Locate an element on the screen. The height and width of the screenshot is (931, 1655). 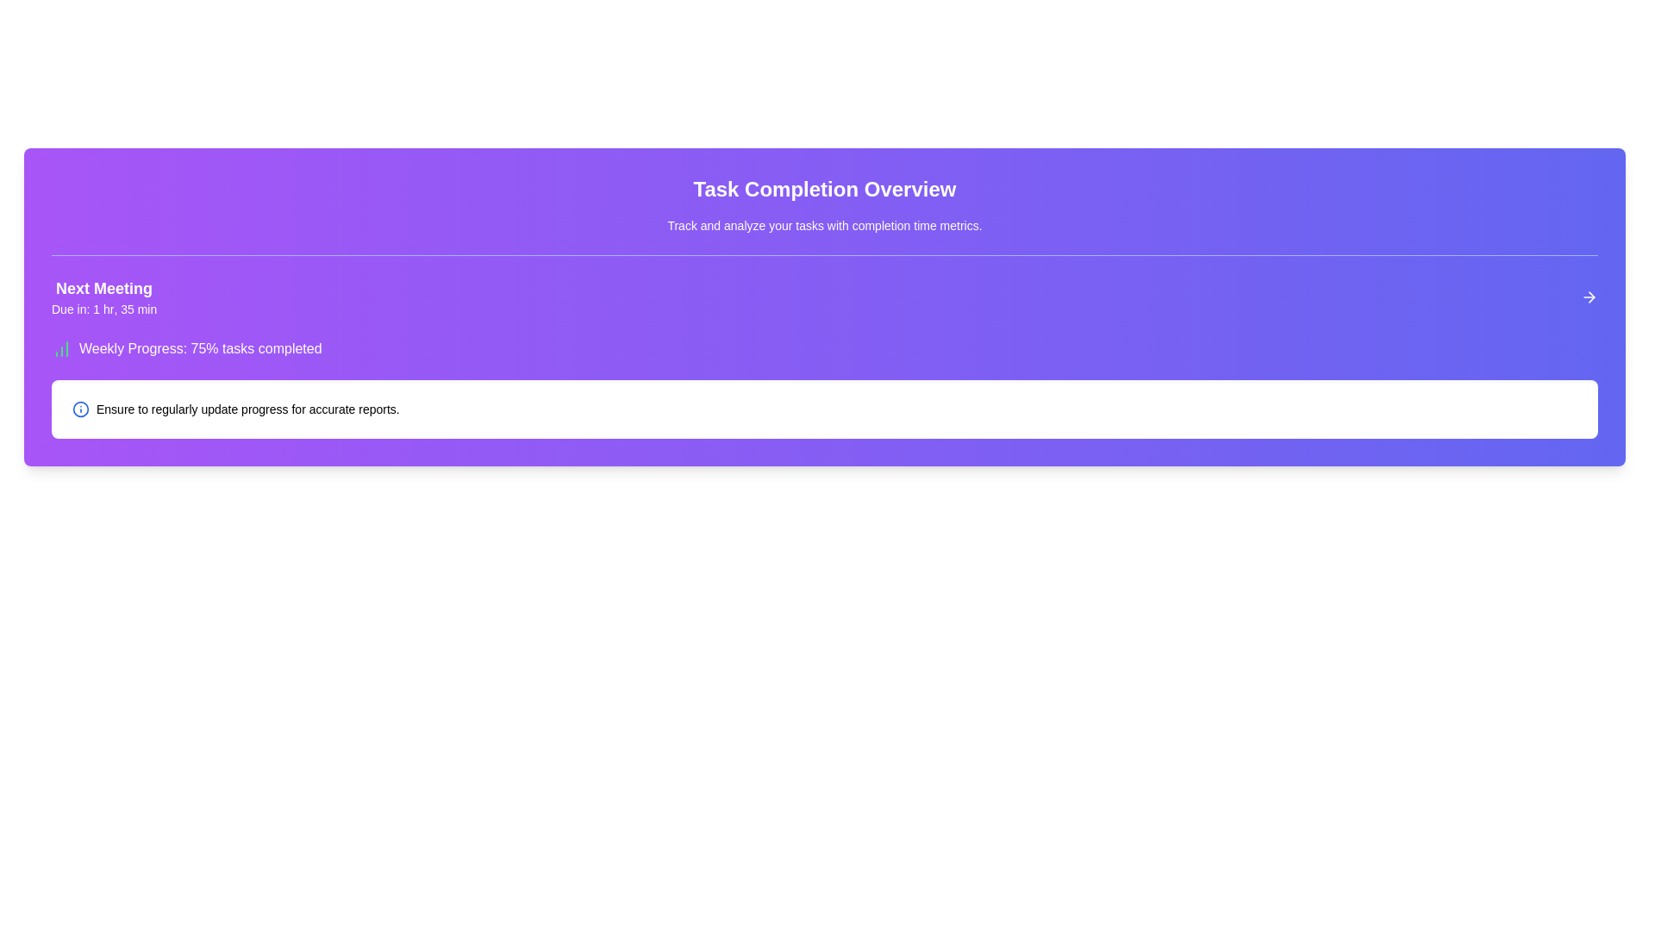
displayed information from the text label showing 'Due in: 1 hr, 35 min', which is positioned below 'Next Meeting' is located at coordinates (103, 308).